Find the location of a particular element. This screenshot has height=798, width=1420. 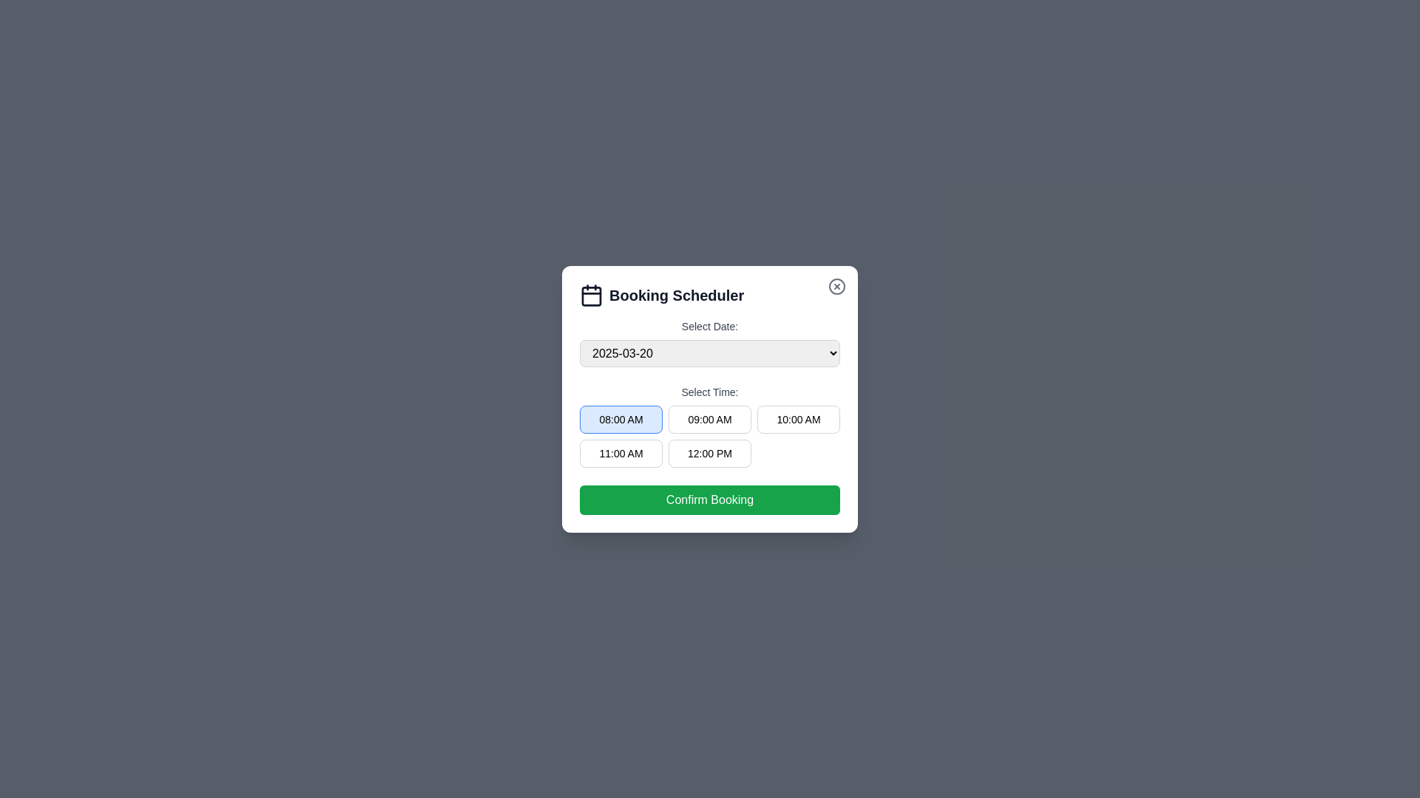

the calendar icon located at the top-left corner of the modal, next to the 'Booking Scheduler' text, to indicate the booking section is located at coordinates (592, 295).